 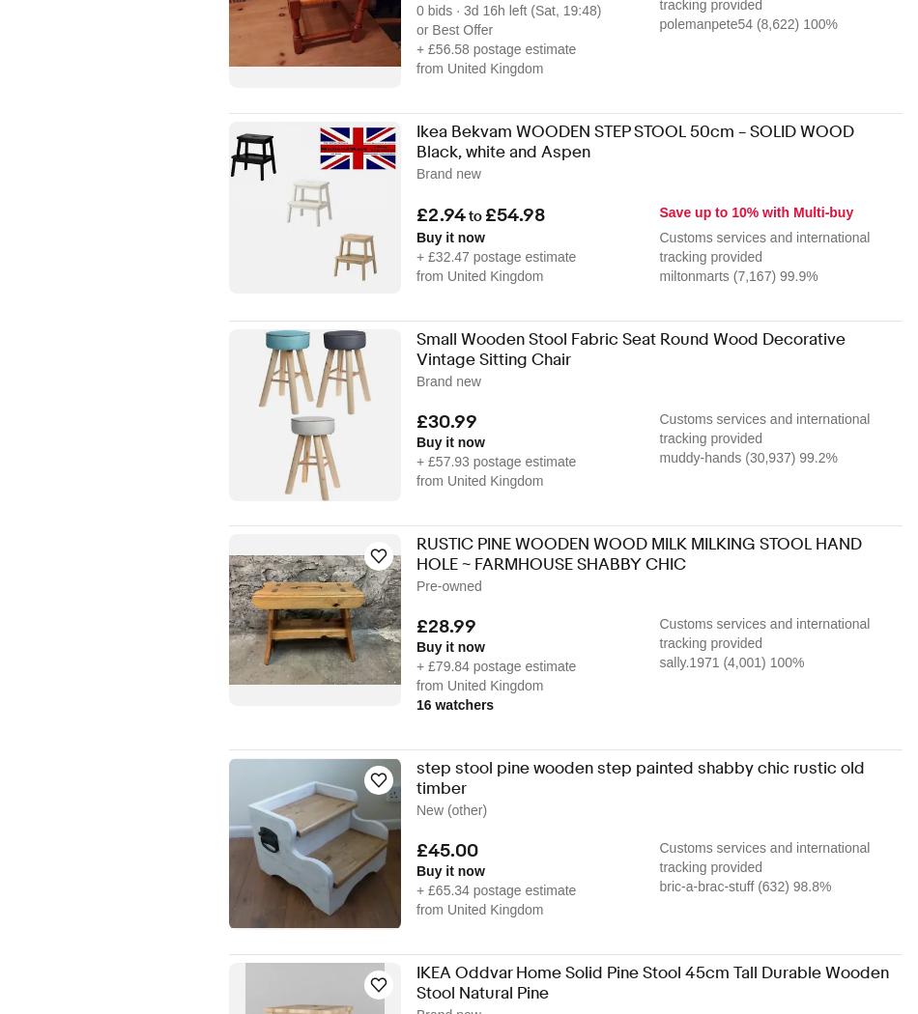 I want to click on '+ £79.84 postage estimate', so click(x=496, y=665).